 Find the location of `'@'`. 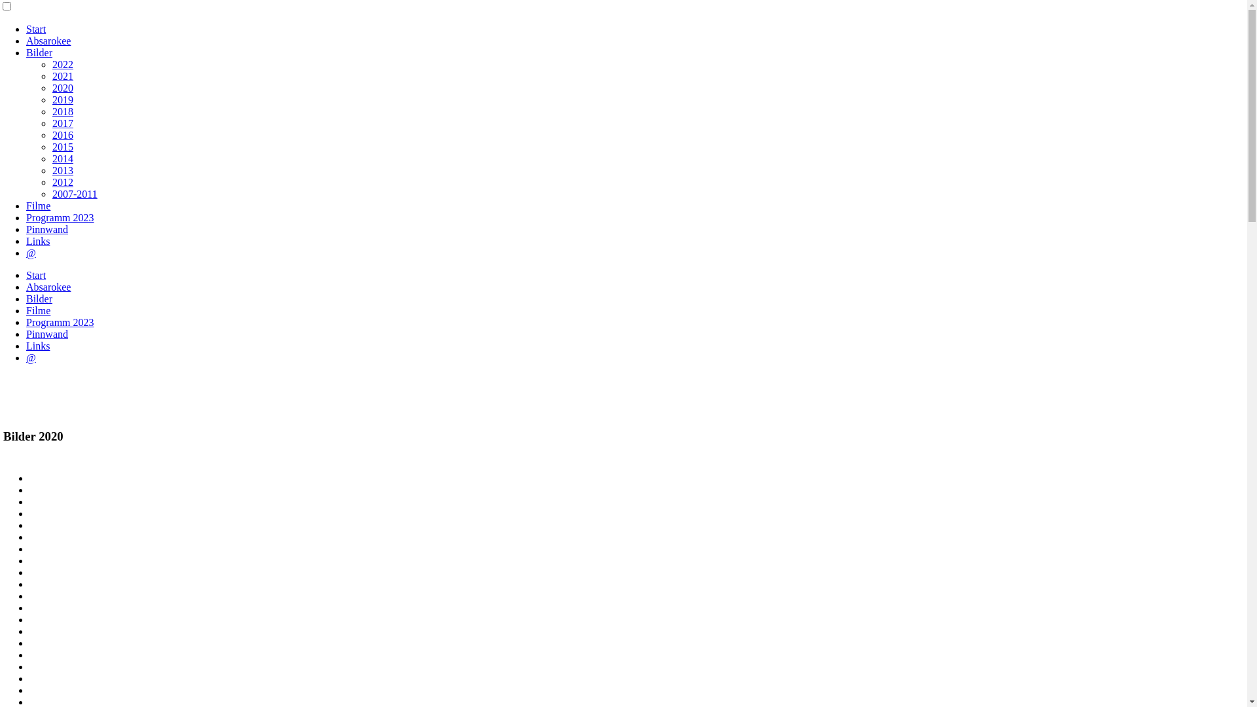

'@' is located at coordinates (31, 253).